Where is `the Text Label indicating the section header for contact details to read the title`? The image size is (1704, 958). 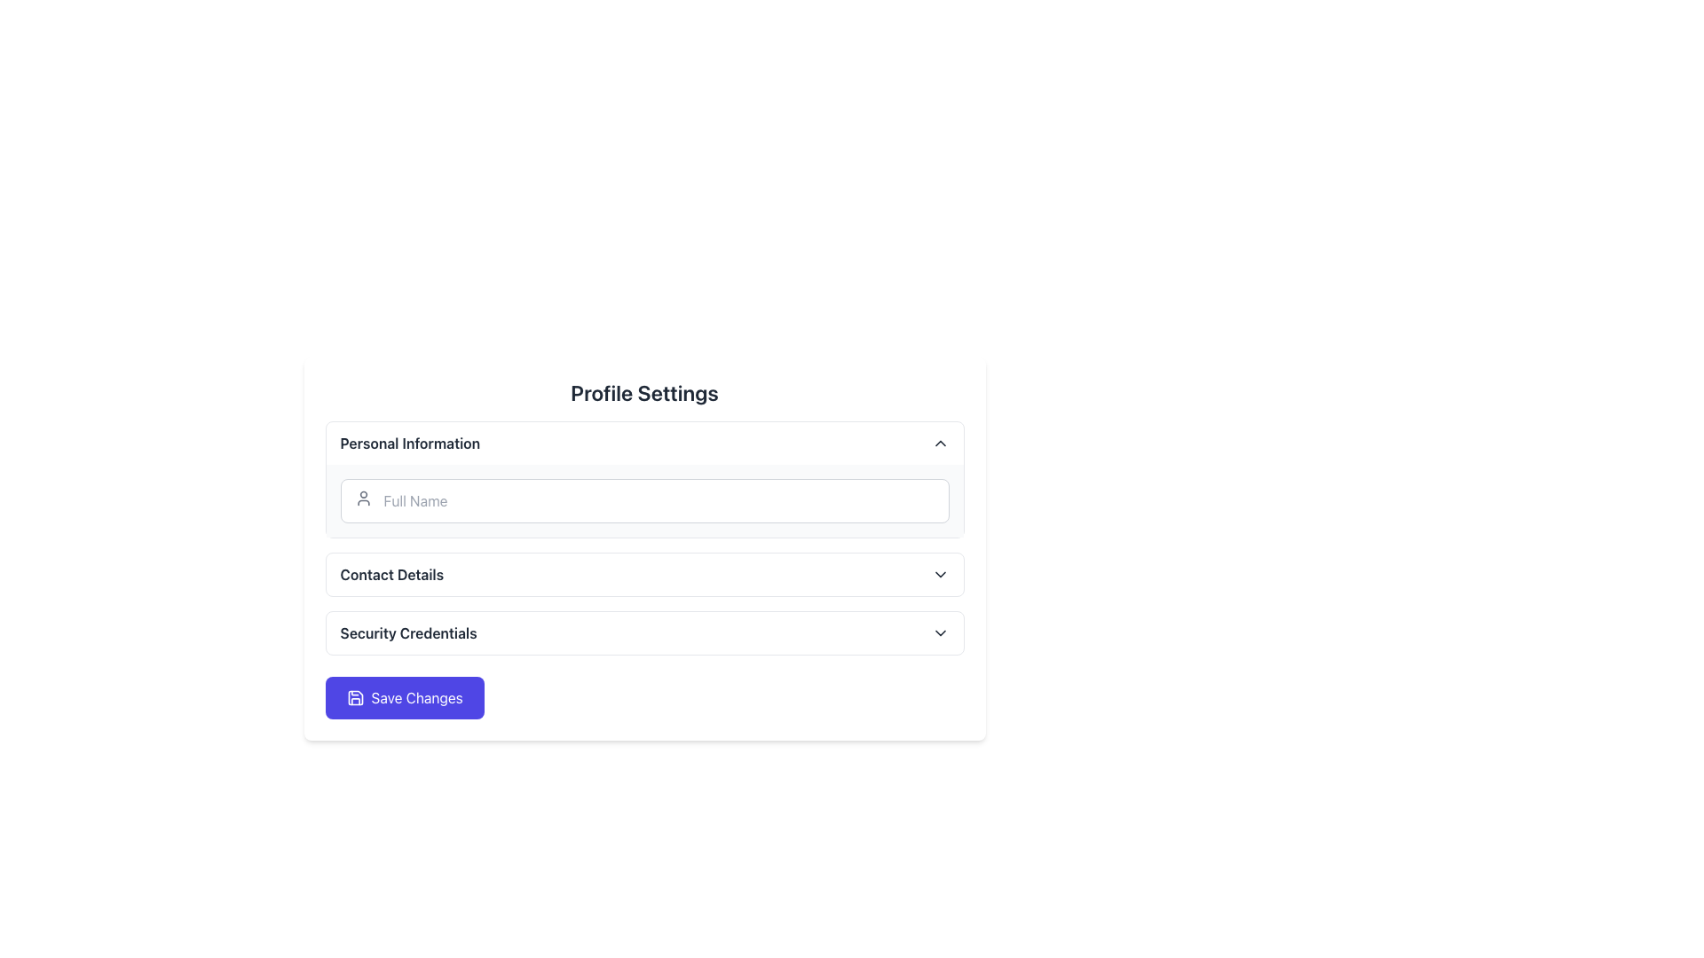
the Text Label indicating the section header for contact details to read the title is located at coordinates (390, 575).